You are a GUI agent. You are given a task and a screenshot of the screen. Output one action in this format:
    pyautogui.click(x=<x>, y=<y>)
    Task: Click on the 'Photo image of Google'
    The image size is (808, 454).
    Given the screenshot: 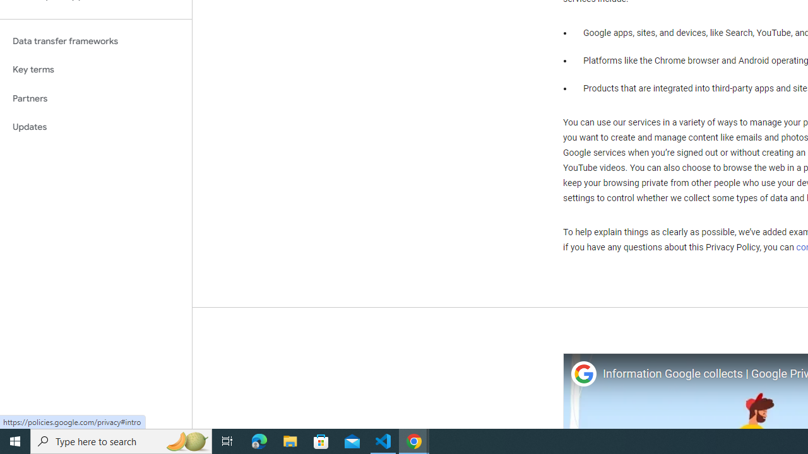 What is the action you would take?
    pyautogui.click(x=583, y=373)
    